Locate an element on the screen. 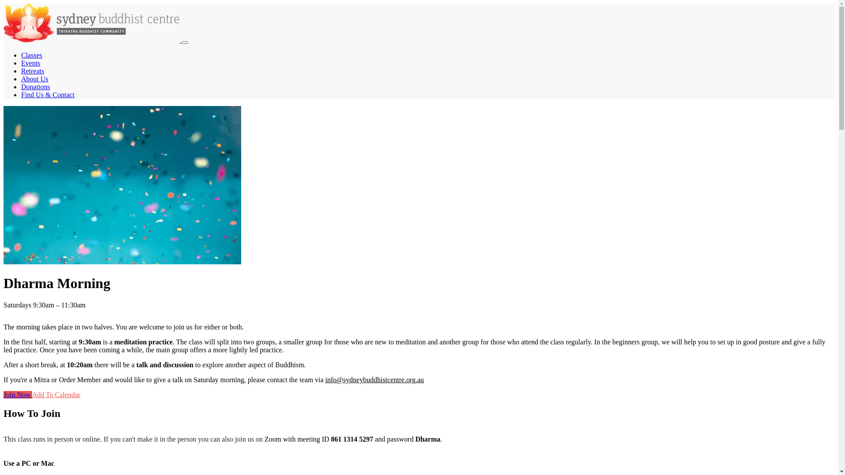  'Find Us & Contact' is located at coordinates (47, 95).